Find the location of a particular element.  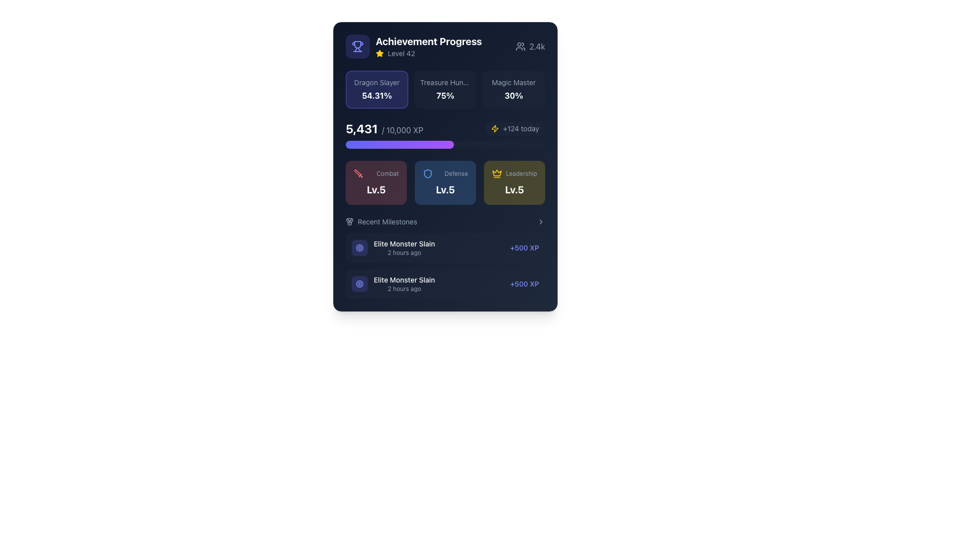

the Text label that indicates the level attributed to the 'Defense' category, located centrally beneath the 'Defense' icon and label is located at coordinates (444, 189).